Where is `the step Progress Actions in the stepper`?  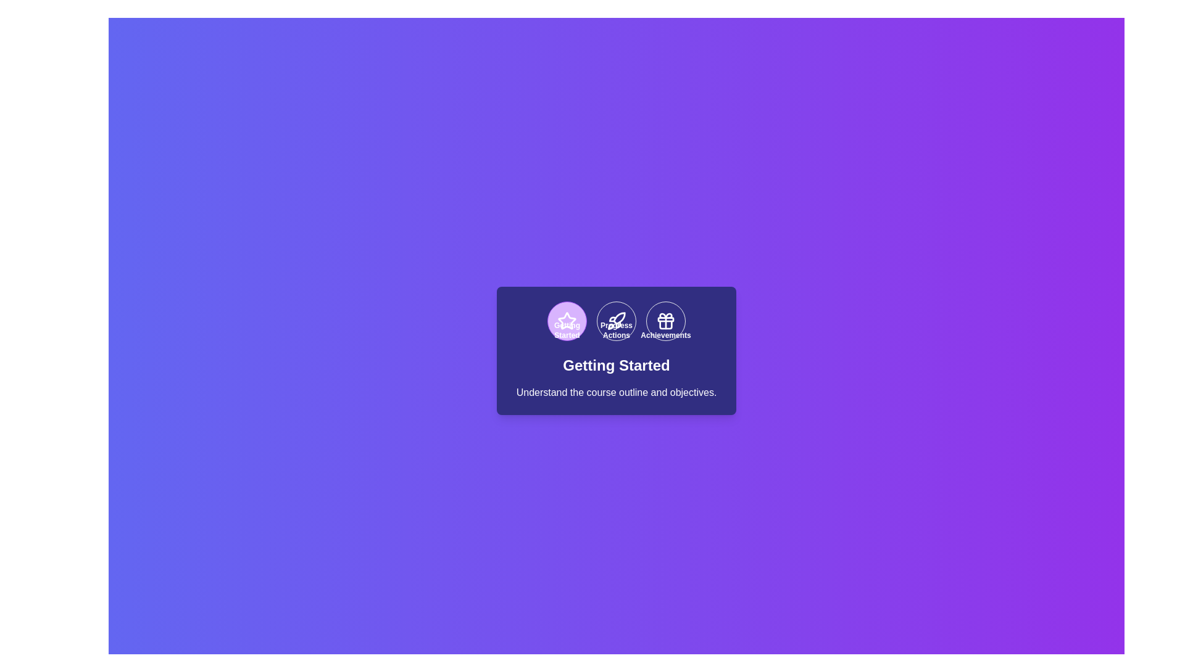 the step Progress Actions in the stepper is located at coordinates (616, 320).